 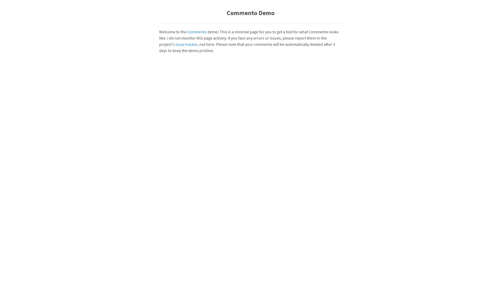 What do you see at coordinates (313, 241) in the screenshot?
I see `Reply` at bounding box center [313, 241].